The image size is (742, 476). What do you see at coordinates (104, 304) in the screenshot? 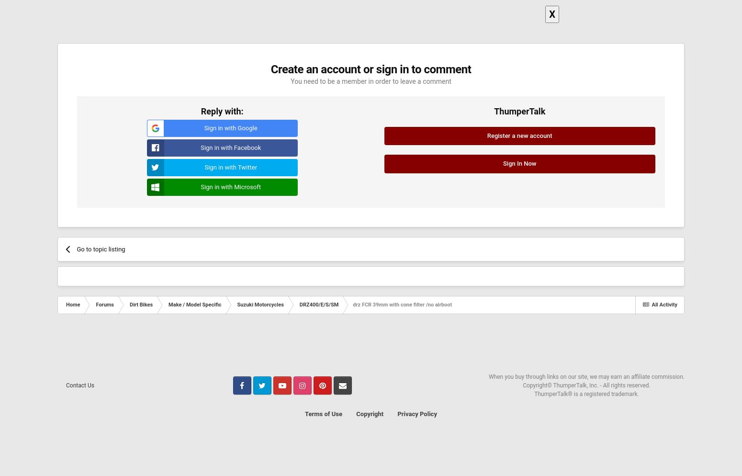
I see `'Forums'` at bounding box center [104, 304].